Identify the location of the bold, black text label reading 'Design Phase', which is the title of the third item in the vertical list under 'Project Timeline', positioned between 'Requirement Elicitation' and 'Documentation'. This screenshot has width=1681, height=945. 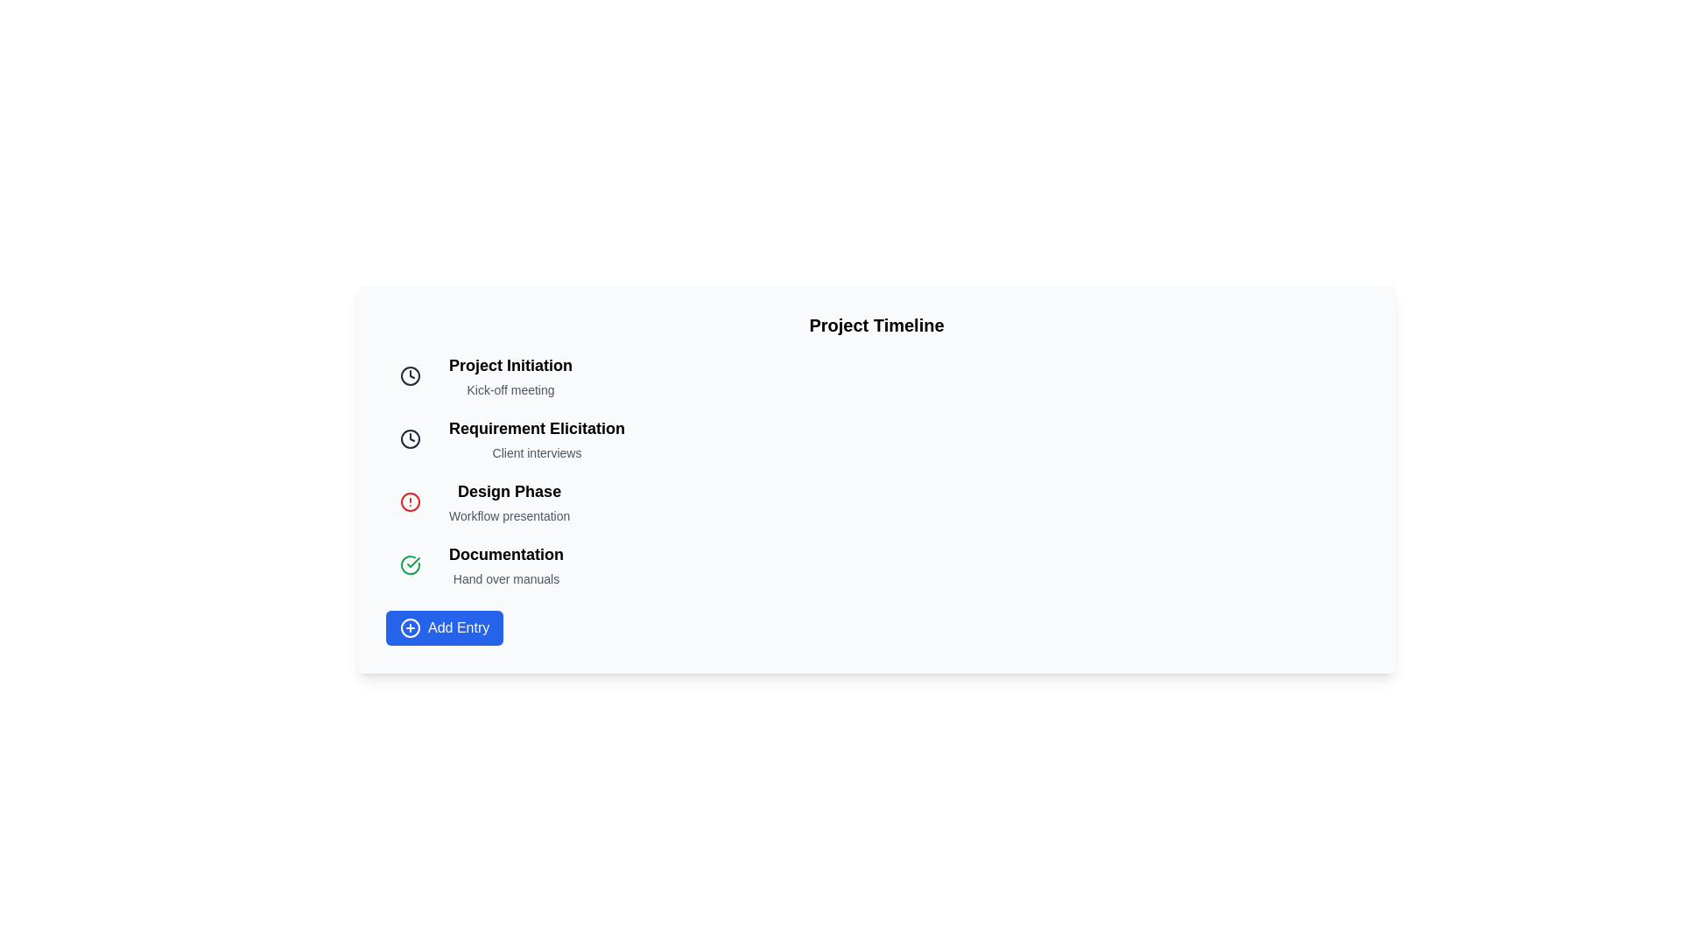
(509, 492).